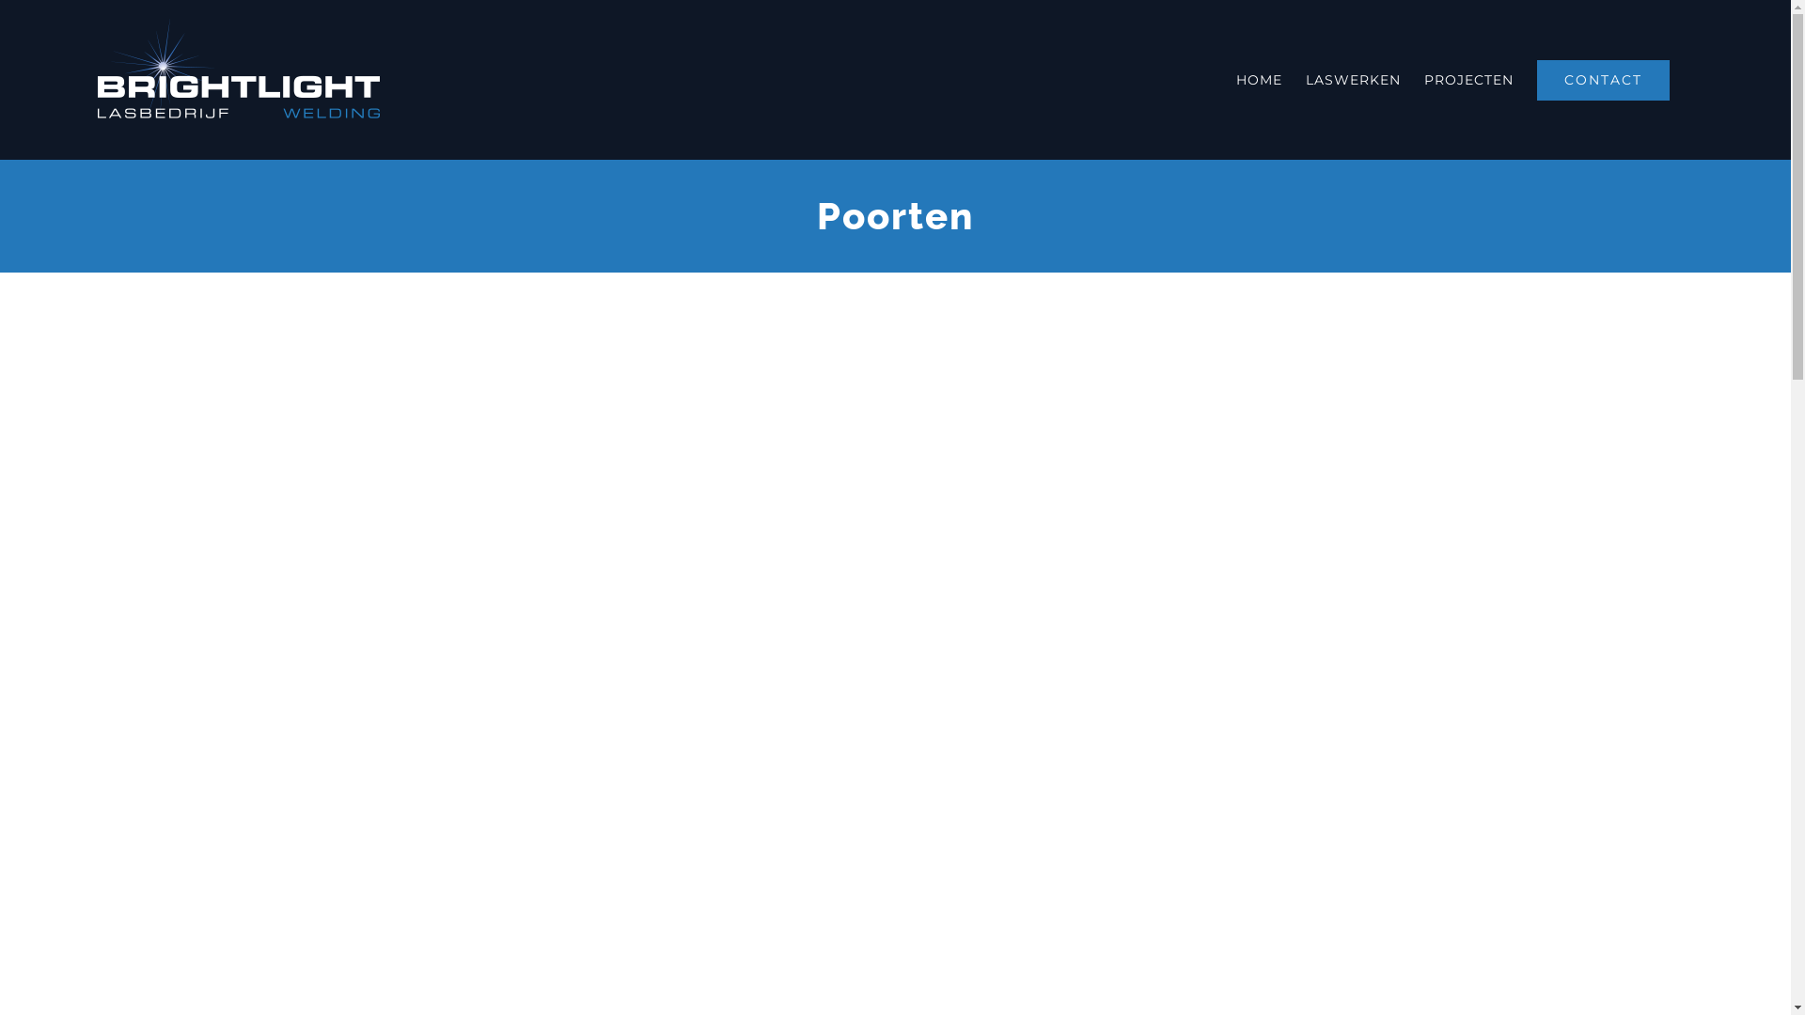 This screenshot has height=1015, width=1805. What do you see at coordinates (1236, 78) in the screenshot?
I see `'HOME'` at bounding box center [1236, 78].